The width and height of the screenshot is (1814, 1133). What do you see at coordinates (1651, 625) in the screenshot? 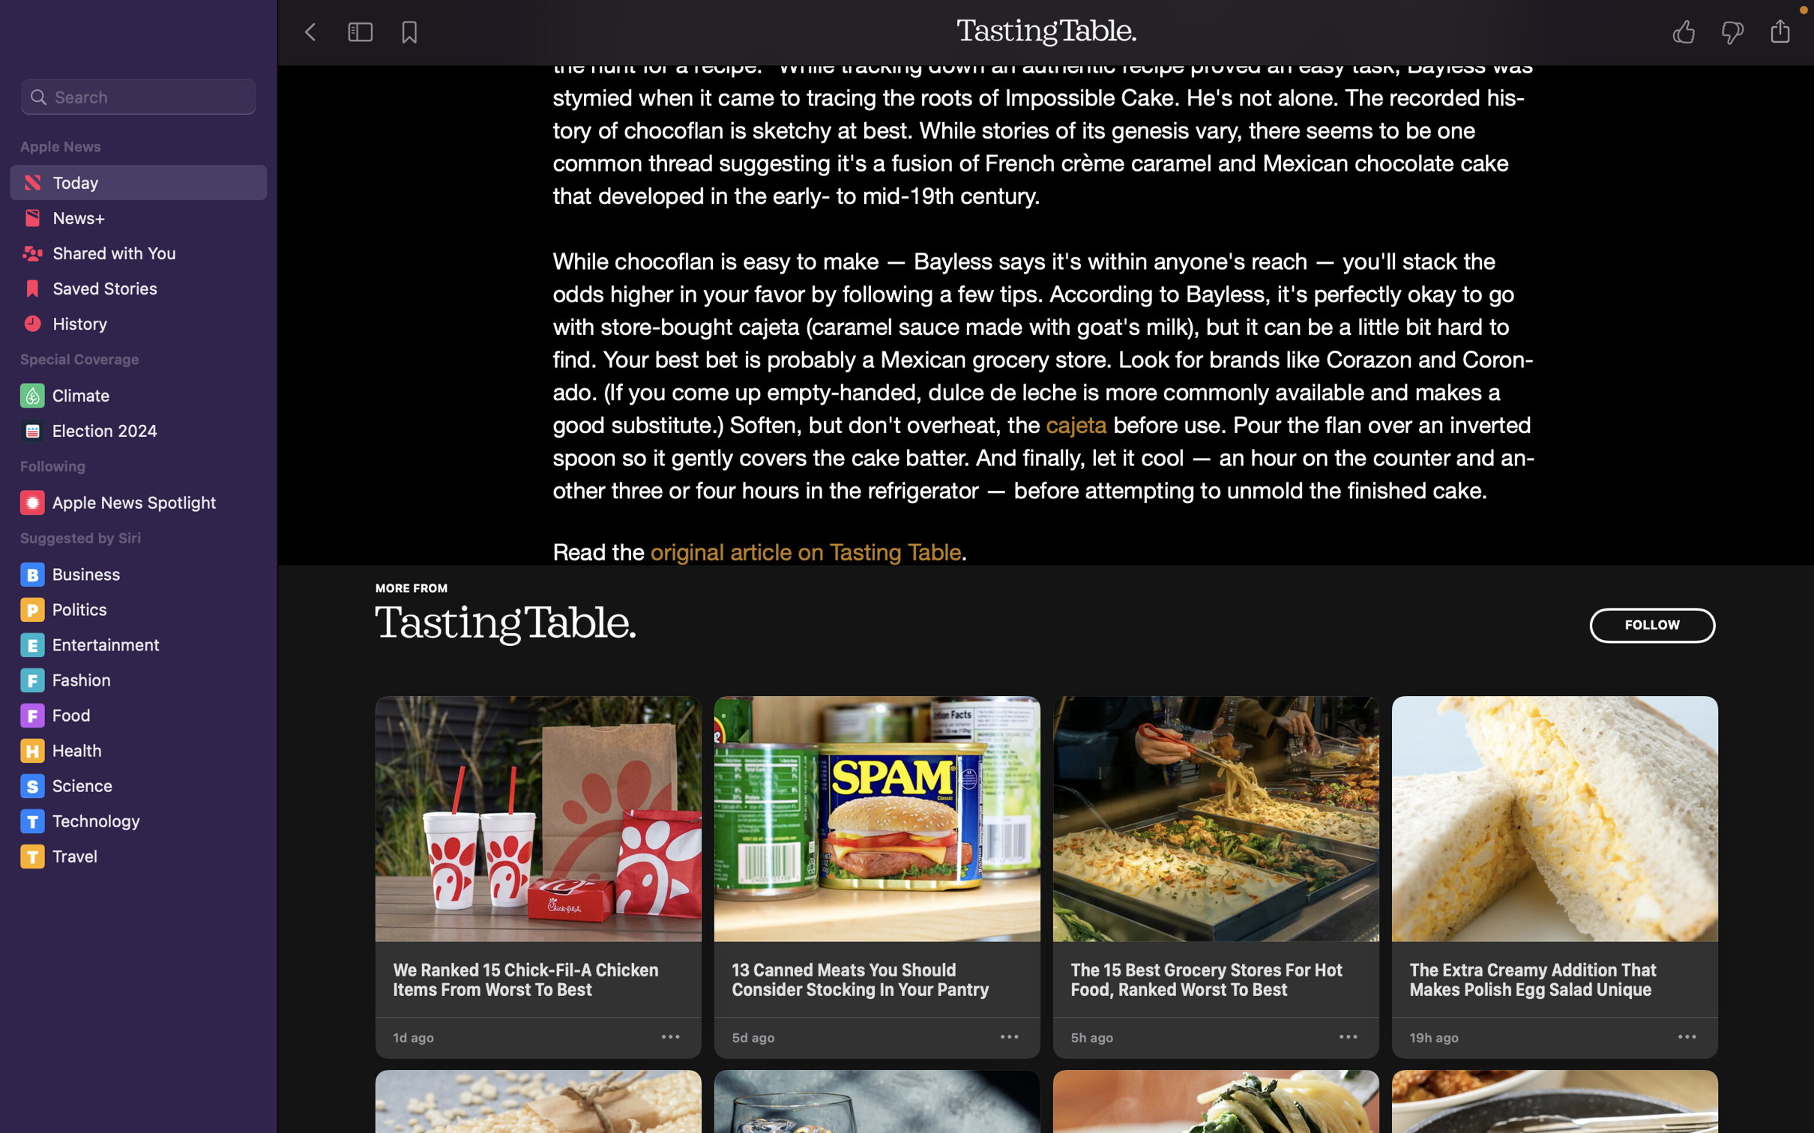
I see `the follow button on Tasting Table"s page` at bounding box center [1651, 625].